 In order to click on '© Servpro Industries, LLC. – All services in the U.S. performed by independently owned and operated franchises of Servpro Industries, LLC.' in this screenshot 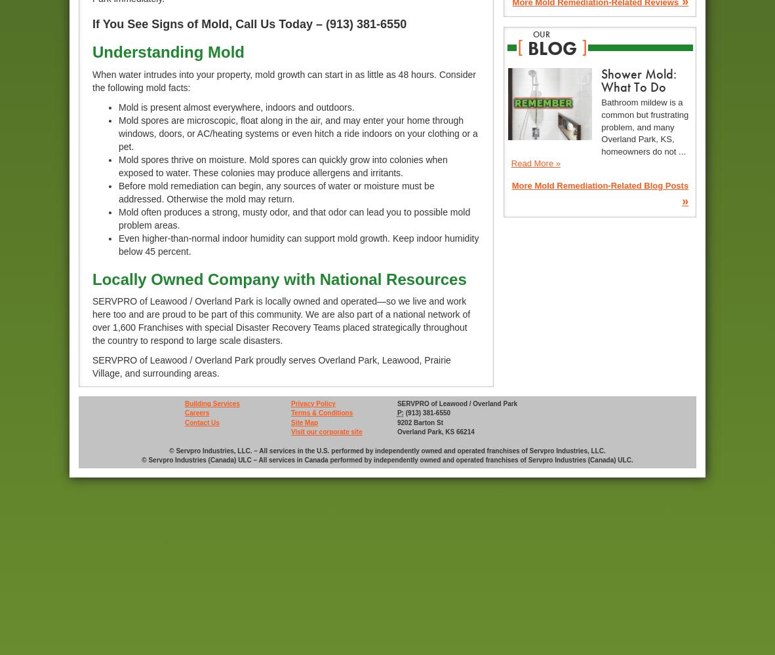, I will do `click(387, 450)`.